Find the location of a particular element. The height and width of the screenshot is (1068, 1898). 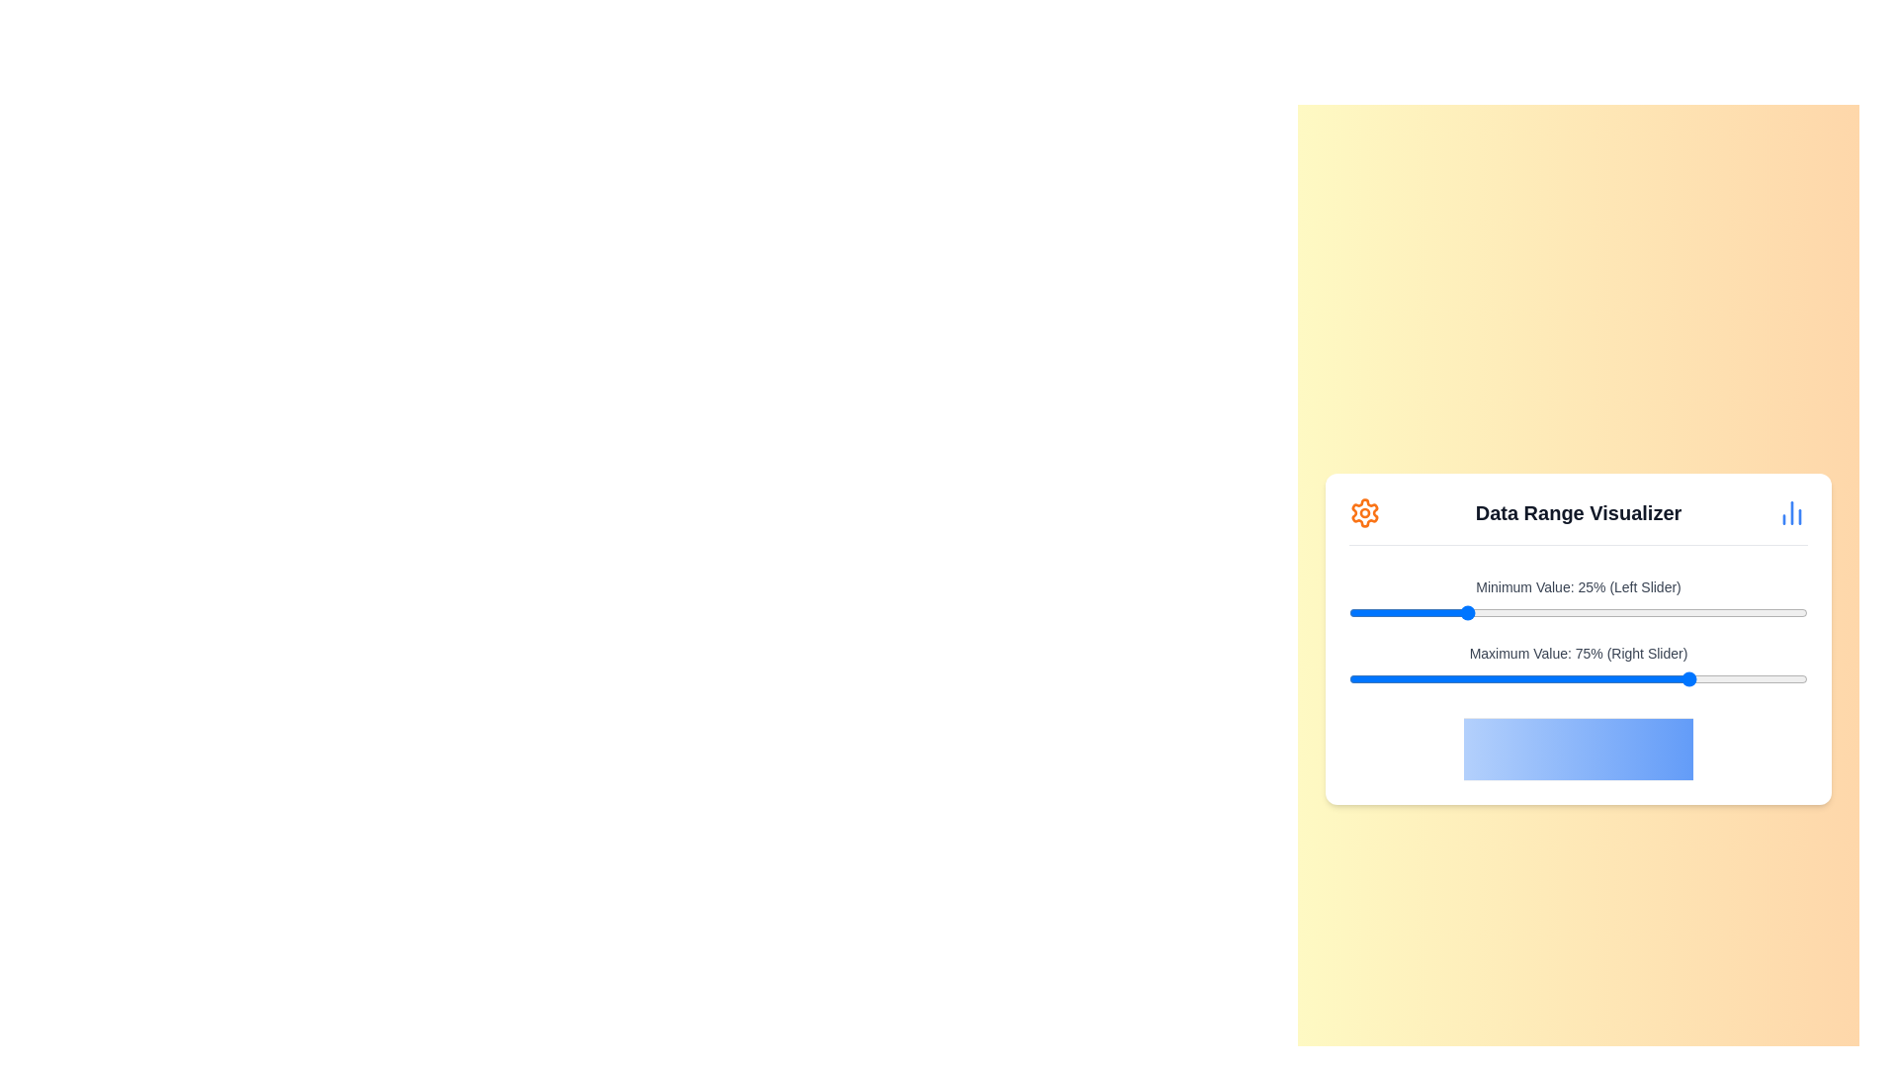

the track of the second slider input located below the label 'Maximum Value: 75% (Right Slider)' to move the handle to the clicked position is located at coordinates (1578, 677).